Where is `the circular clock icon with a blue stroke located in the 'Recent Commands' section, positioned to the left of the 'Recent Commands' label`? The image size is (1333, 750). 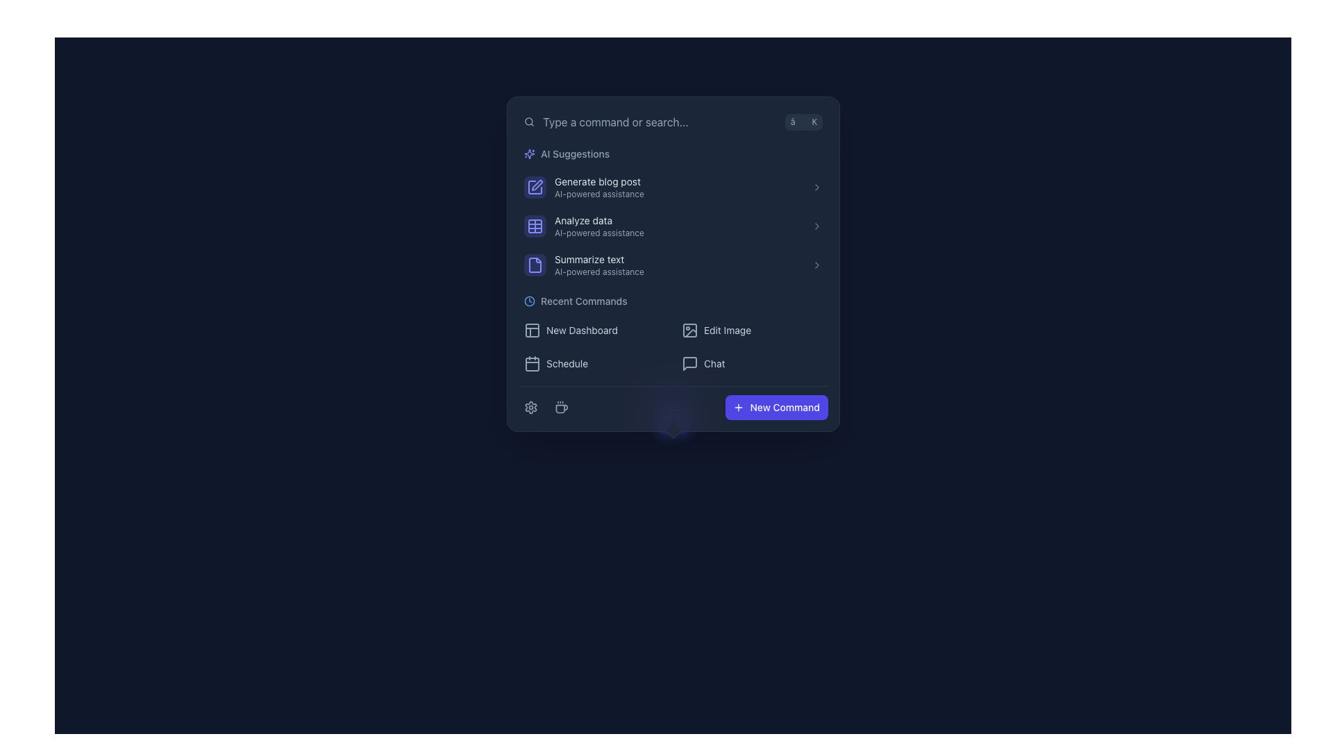 the circular clock icon with a blue stroke located in the 'Recent Commands' section, positioned to the left of the 'Recent Commands' label is located at coordinates (528, 301).